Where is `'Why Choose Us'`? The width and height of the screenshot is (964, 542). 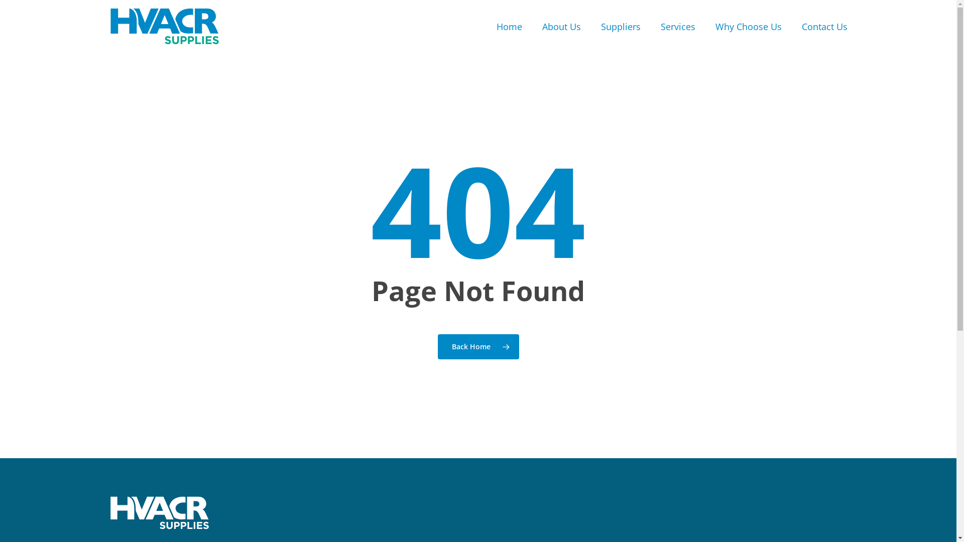
'Why Choose Us' is located at coordinates (748, 26).